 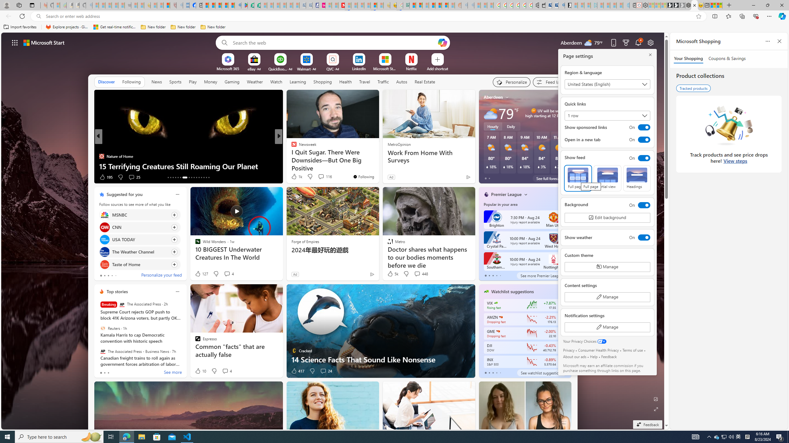 I want to click on 'Learning', so click(x=298, y=81).